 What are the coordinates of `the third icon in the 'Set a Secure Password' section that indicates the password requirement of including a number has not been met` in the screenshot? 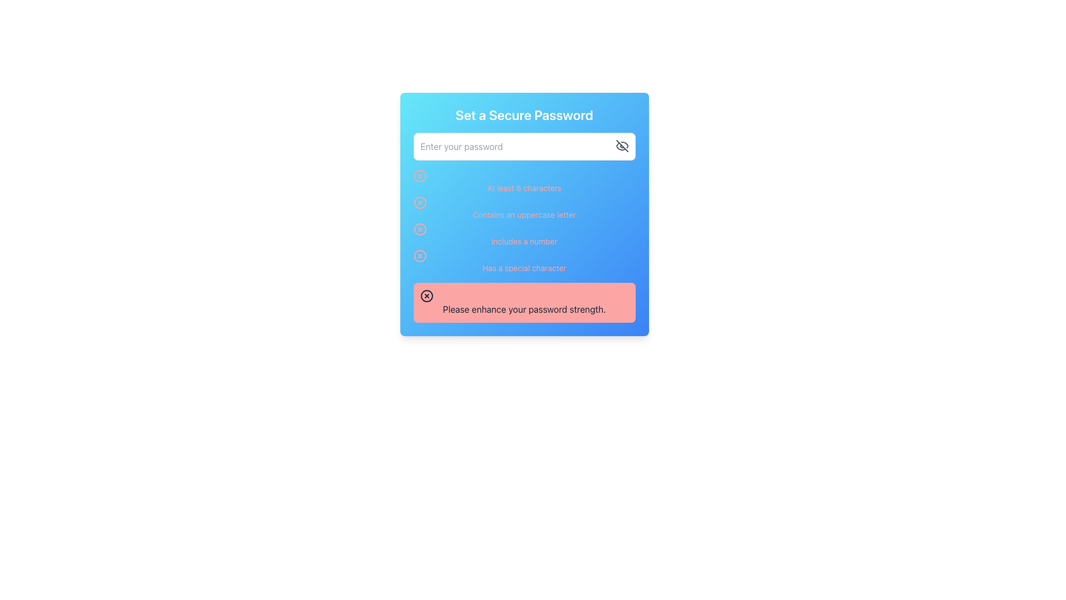 It's located at (419, 228).